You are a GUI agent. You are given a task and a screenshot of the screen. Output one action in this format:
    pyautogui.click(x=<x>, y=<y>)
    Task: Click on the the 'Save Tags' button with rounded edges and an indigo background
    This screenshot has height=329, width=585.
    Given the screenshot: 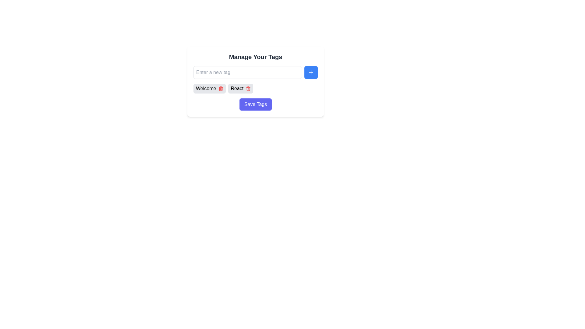 What is the action you would take?
    pyautogui.click(x=256, y=104)
    